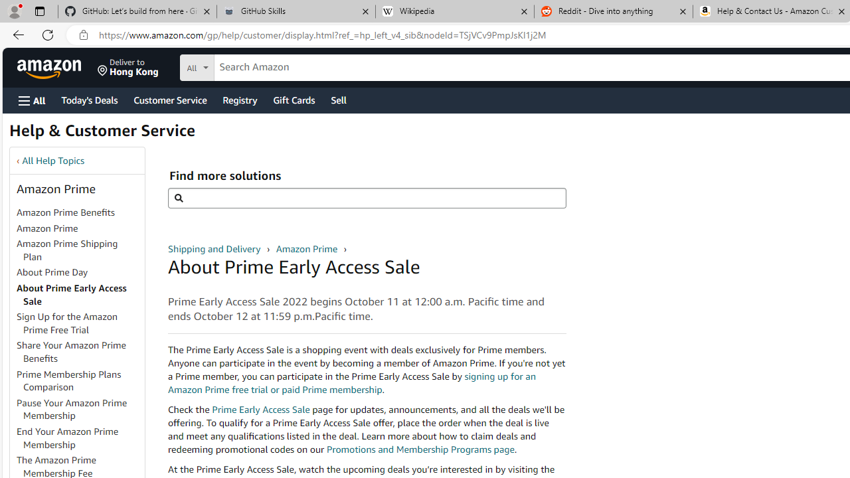  Describe the element at coordinates (79, 251) in the screenshot. I see `'Amazon Prime Shipping Plan'` at that location.